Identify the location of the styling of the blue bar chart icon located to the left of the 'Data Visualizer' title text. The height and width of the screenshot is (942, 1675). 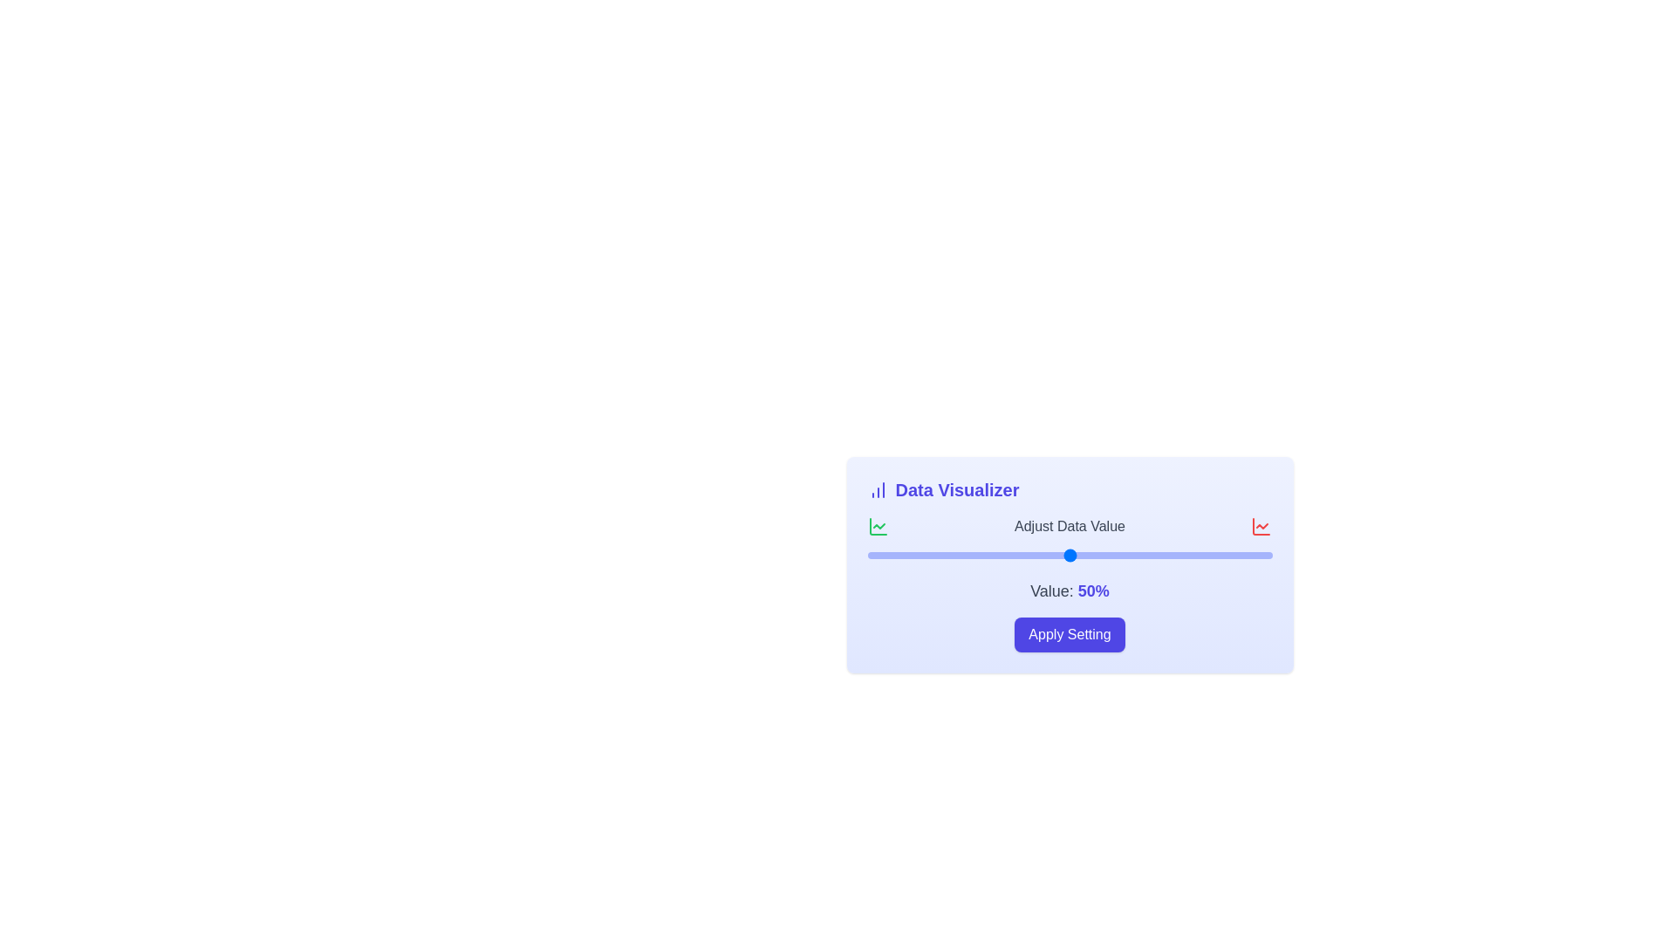
(878, 490).